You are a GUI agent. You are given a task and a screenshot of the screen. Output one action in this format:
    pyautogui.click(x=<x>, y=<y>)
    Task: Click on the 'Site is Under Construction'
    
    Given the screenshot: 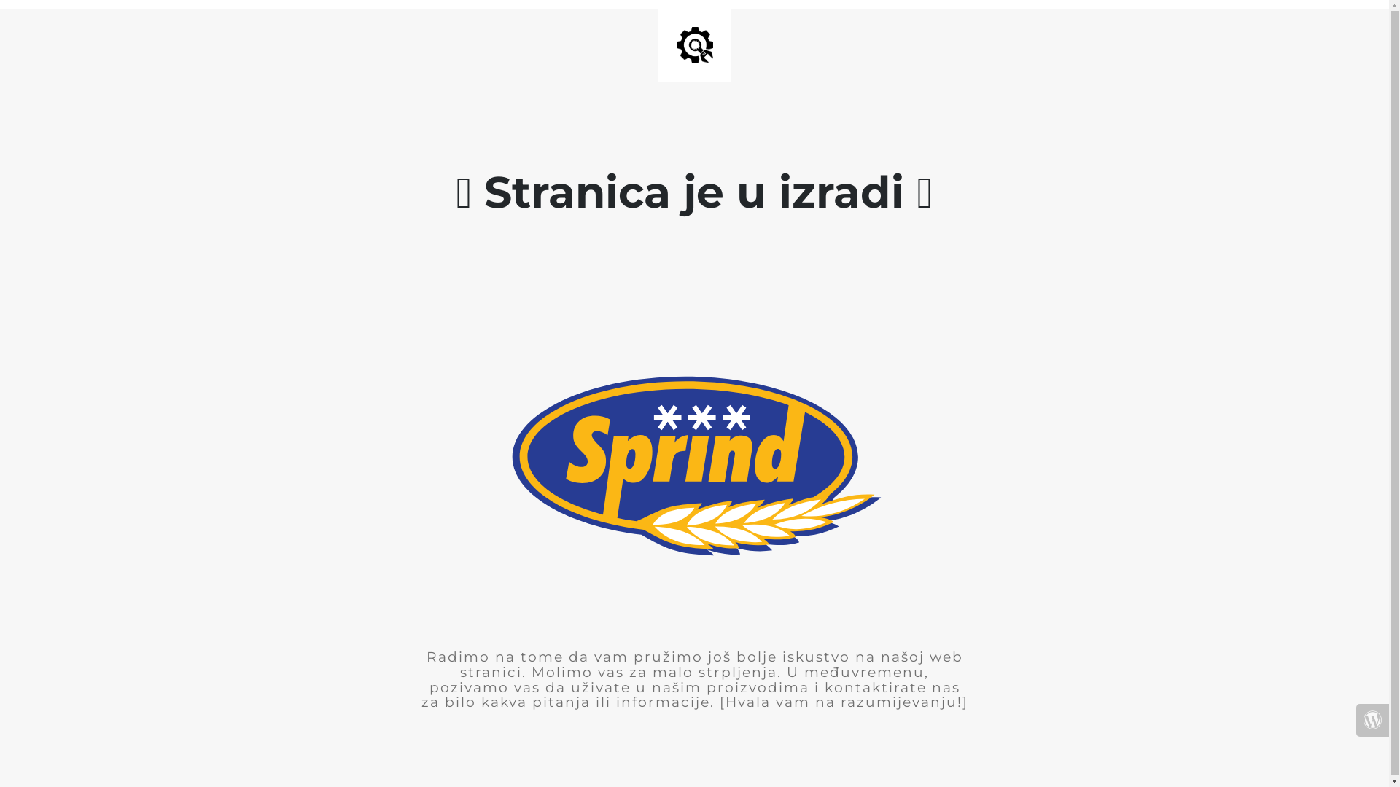 What is the action you would take?
    pyautogui.click(x=694, y=44)
    